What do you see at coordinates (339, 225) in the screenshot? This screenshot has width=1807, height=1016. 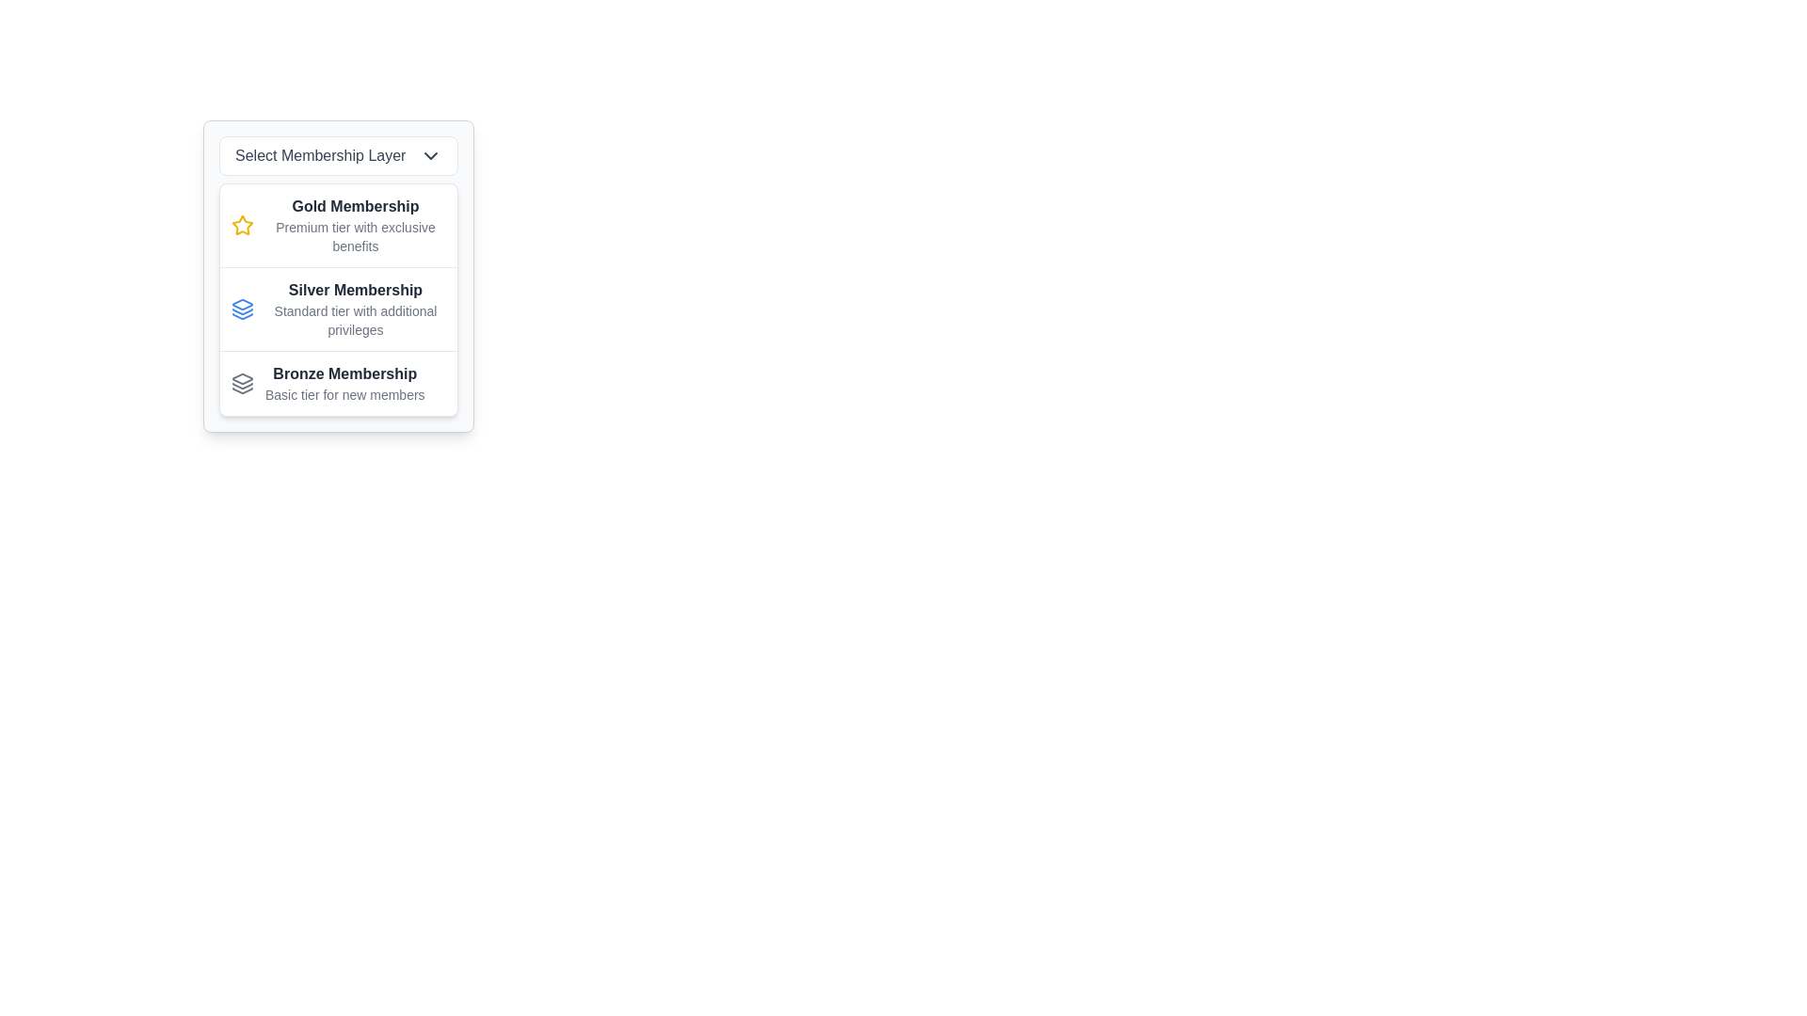 I see `the first list item labeled 'Gold Membership' with a golden star icon, which is directly below the 'Select Membership Layer' dropdown` at bounding box center [339, 225].